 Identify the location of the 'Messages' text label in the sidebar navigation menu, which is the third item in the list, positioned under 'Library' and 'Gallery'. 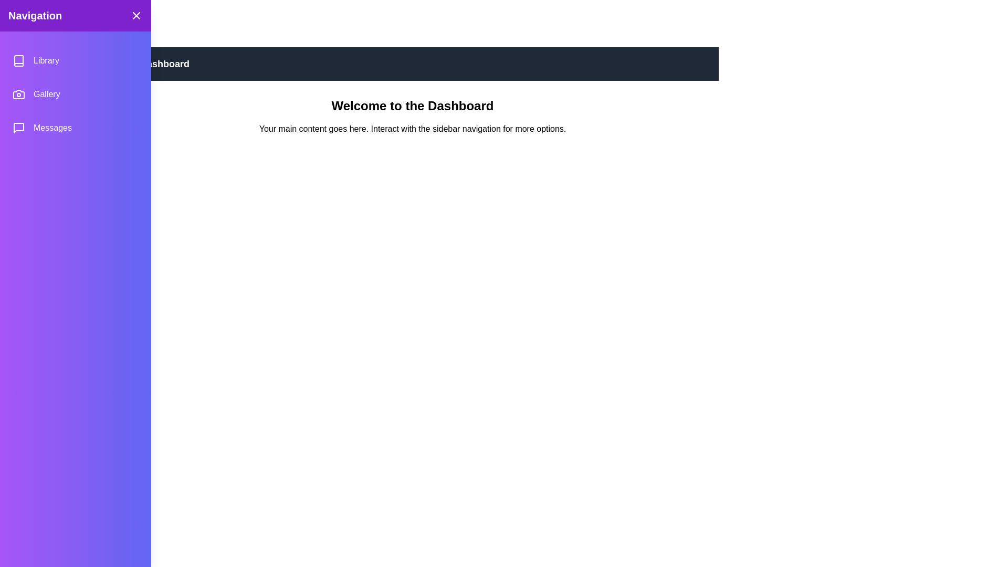
(52, 127).